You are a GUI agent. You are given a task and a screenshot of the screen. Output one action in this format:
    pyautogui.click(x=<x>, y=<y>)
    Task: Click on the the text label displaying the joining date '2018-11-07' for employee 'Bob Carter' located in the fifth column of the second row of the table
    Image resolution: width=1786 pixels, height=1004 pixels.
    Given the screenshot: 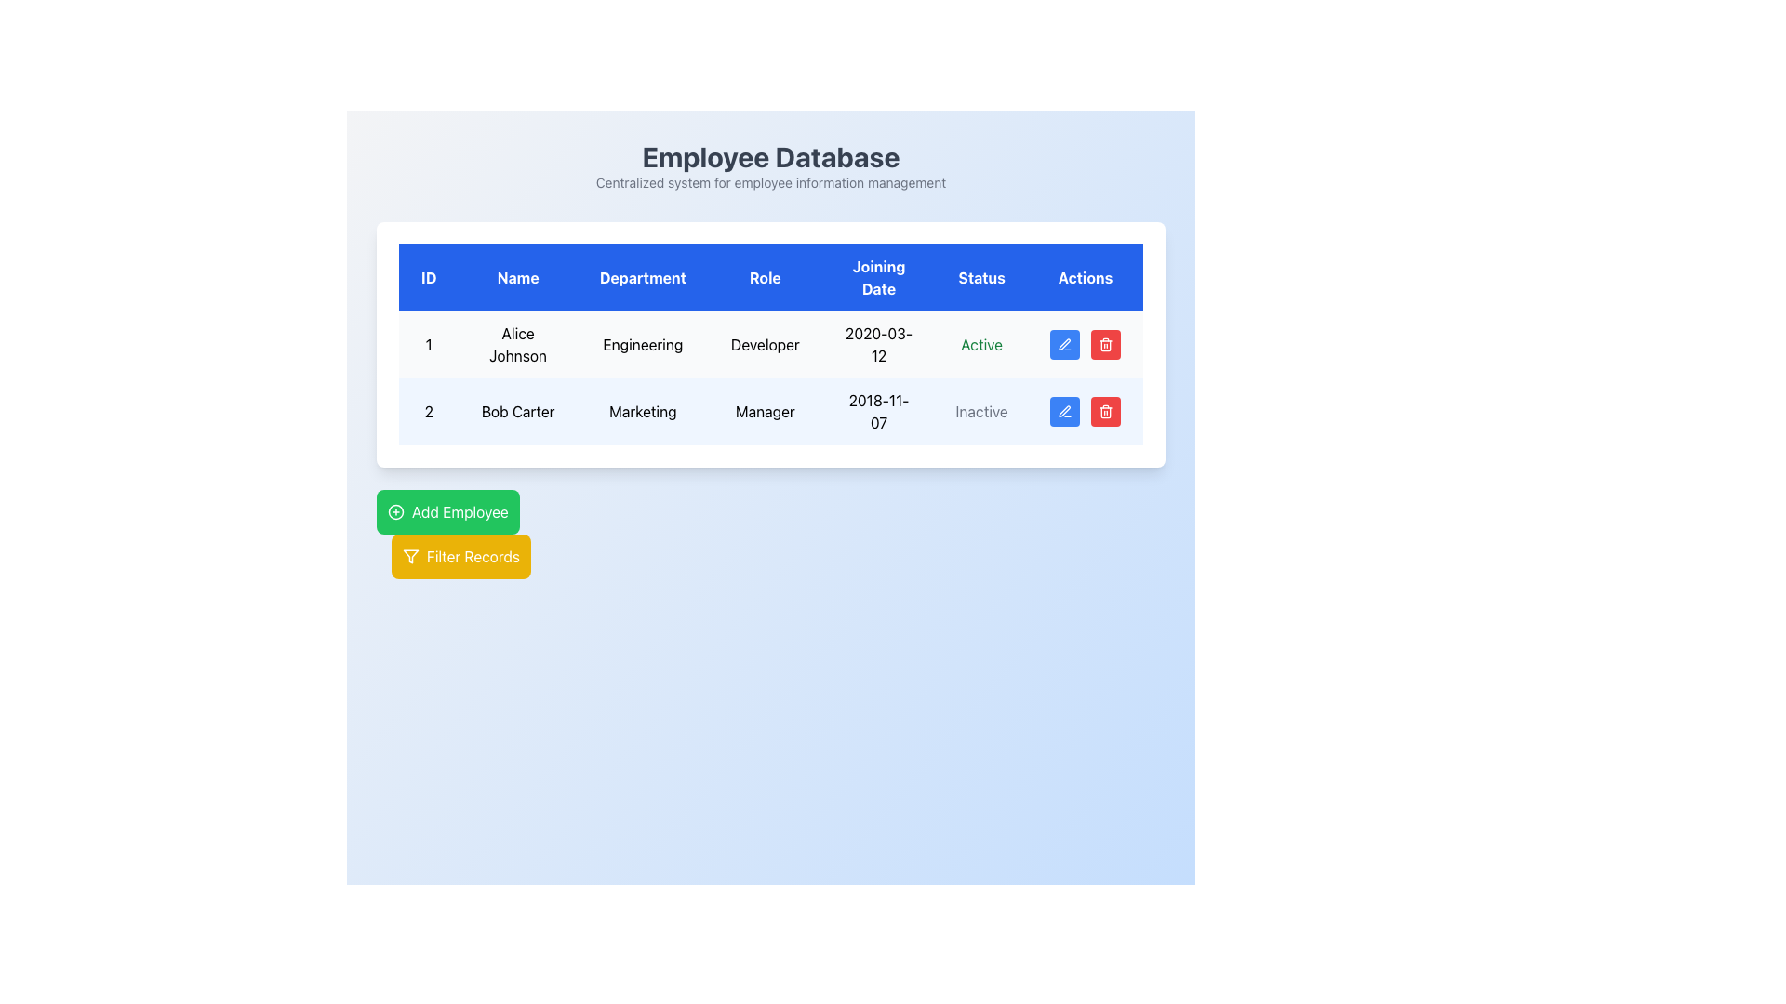 What is the action you would take?
    pyautogui.click(x=878, y=411)
    